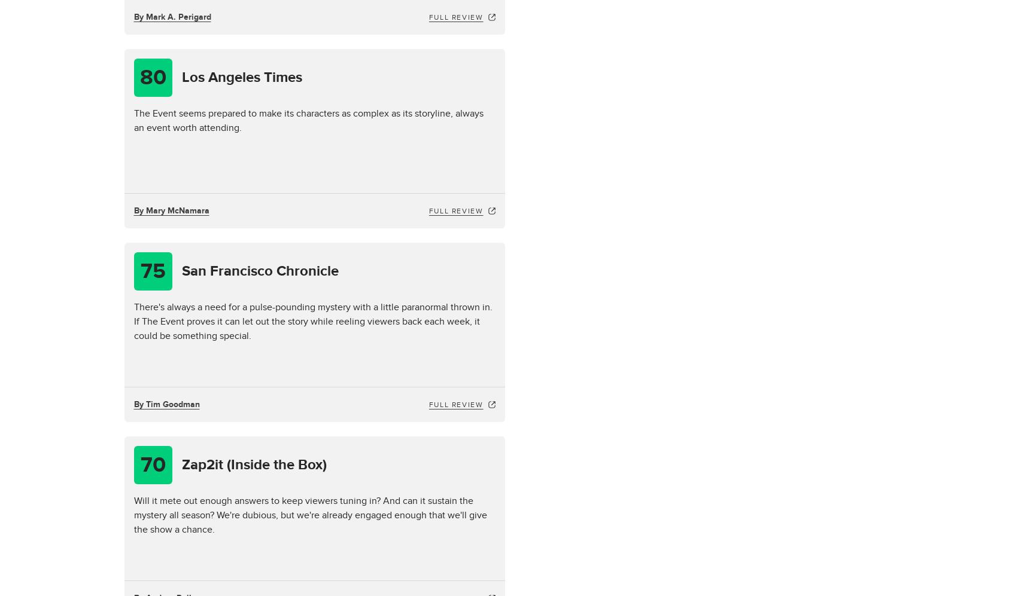 This screenshot has width=1024, height=596. I want to click on 'By Mary McNamara', so click(171, 210).